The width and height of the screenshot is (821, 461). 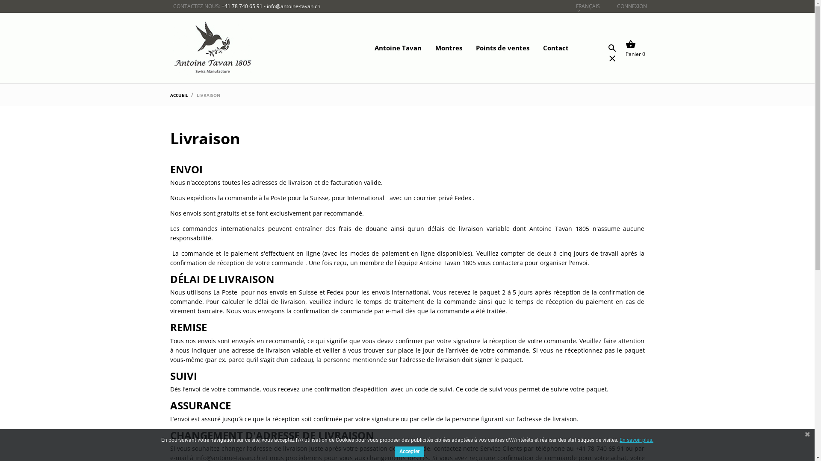 What do you see at coordinates (463, 47) in the screenshot?
I see `'Points de ventes'` at bounding box center [463, 47].